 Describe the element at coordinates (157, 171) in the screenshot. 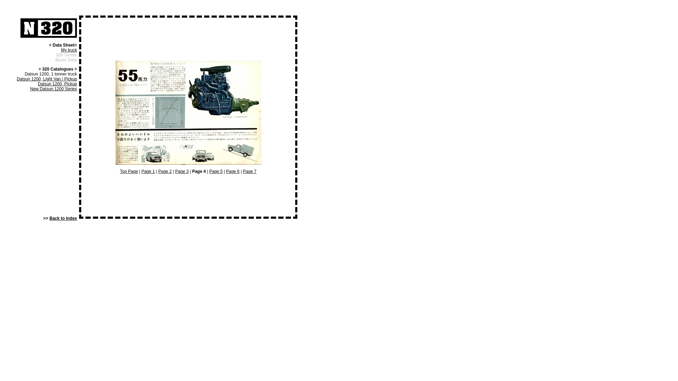

I see `'Page 2'` at that location.